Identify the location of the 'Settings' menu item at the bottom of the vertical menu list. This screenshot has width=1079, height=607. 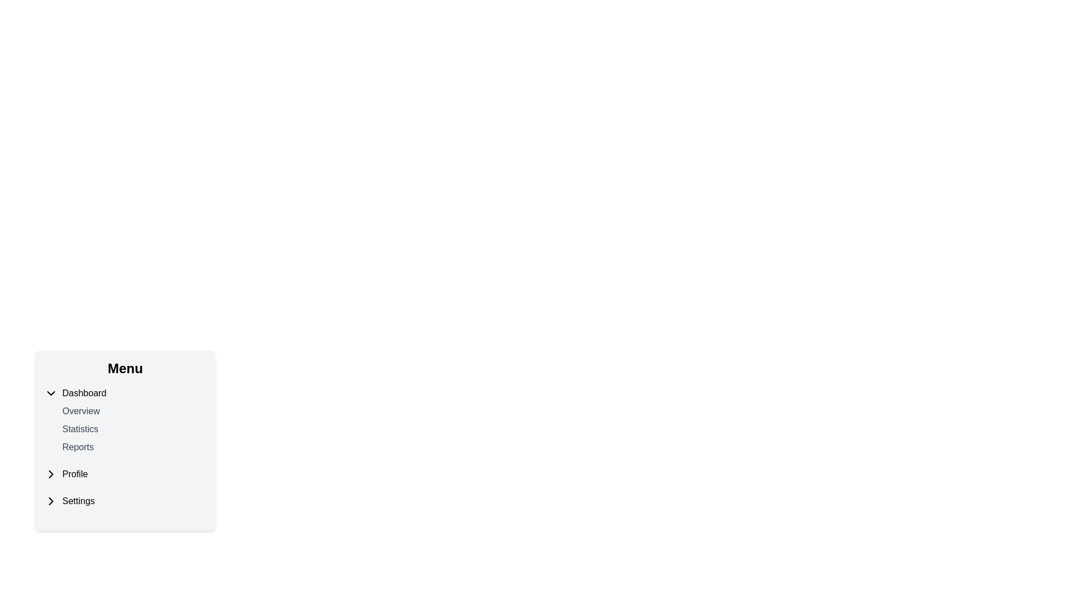
(125, 500).